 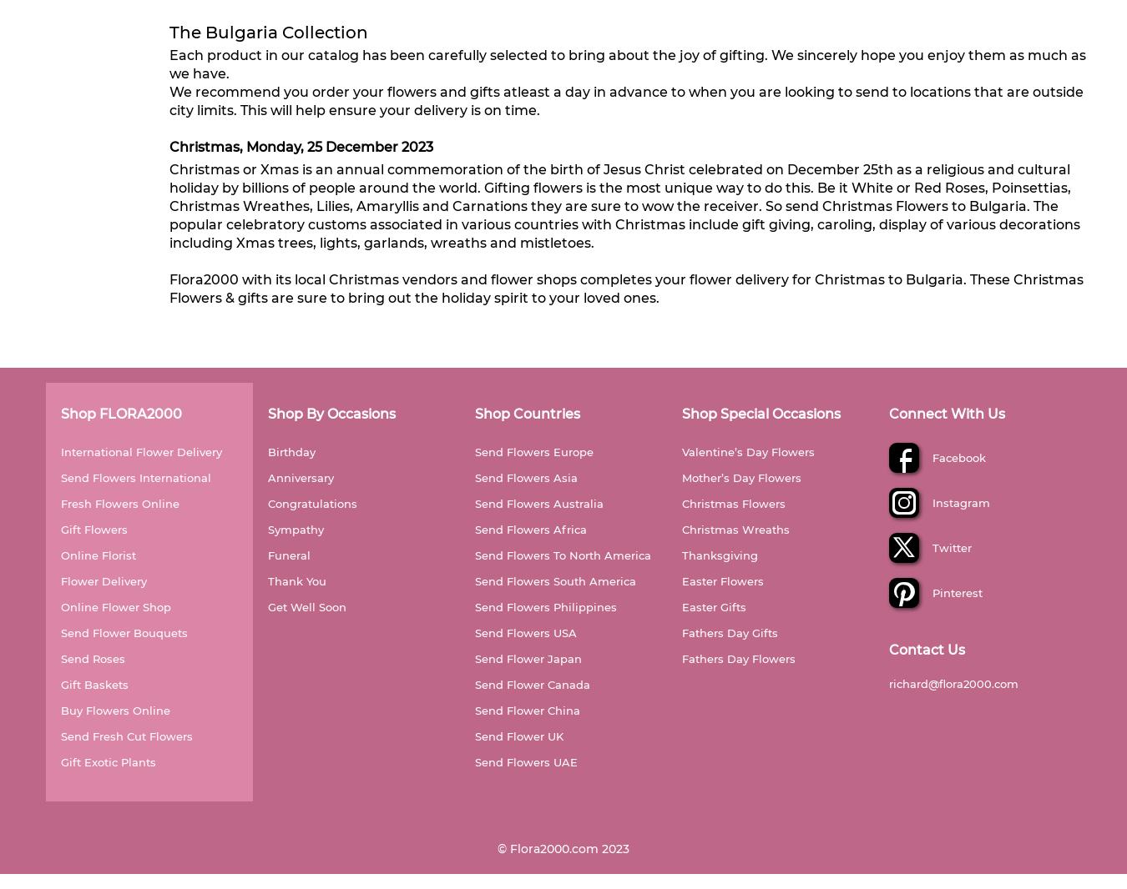 I want to click on 'Valentine’s Day Flowers', so click(x=748, y=450).